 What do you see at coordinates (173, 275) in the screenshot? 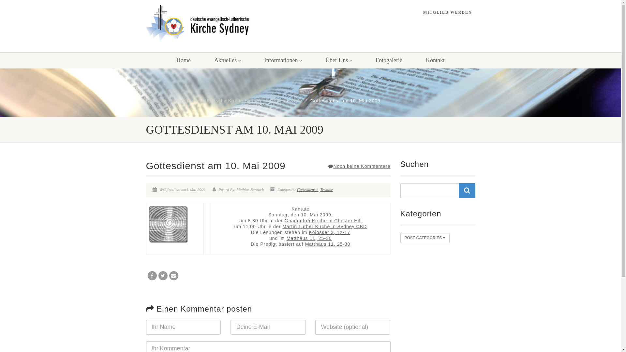
I see `'Email'` at bounding box center [173, 275].